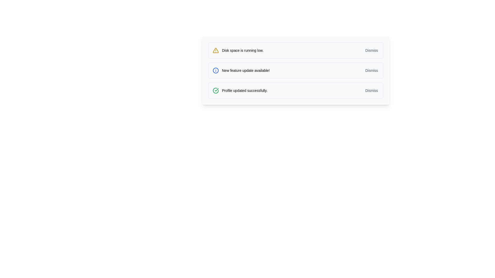 The image size is (495, 278). Describe the element at coordinates (372, 90) in the screenshot. I see `the 'Dismiss' button on the notification bar` at that location.